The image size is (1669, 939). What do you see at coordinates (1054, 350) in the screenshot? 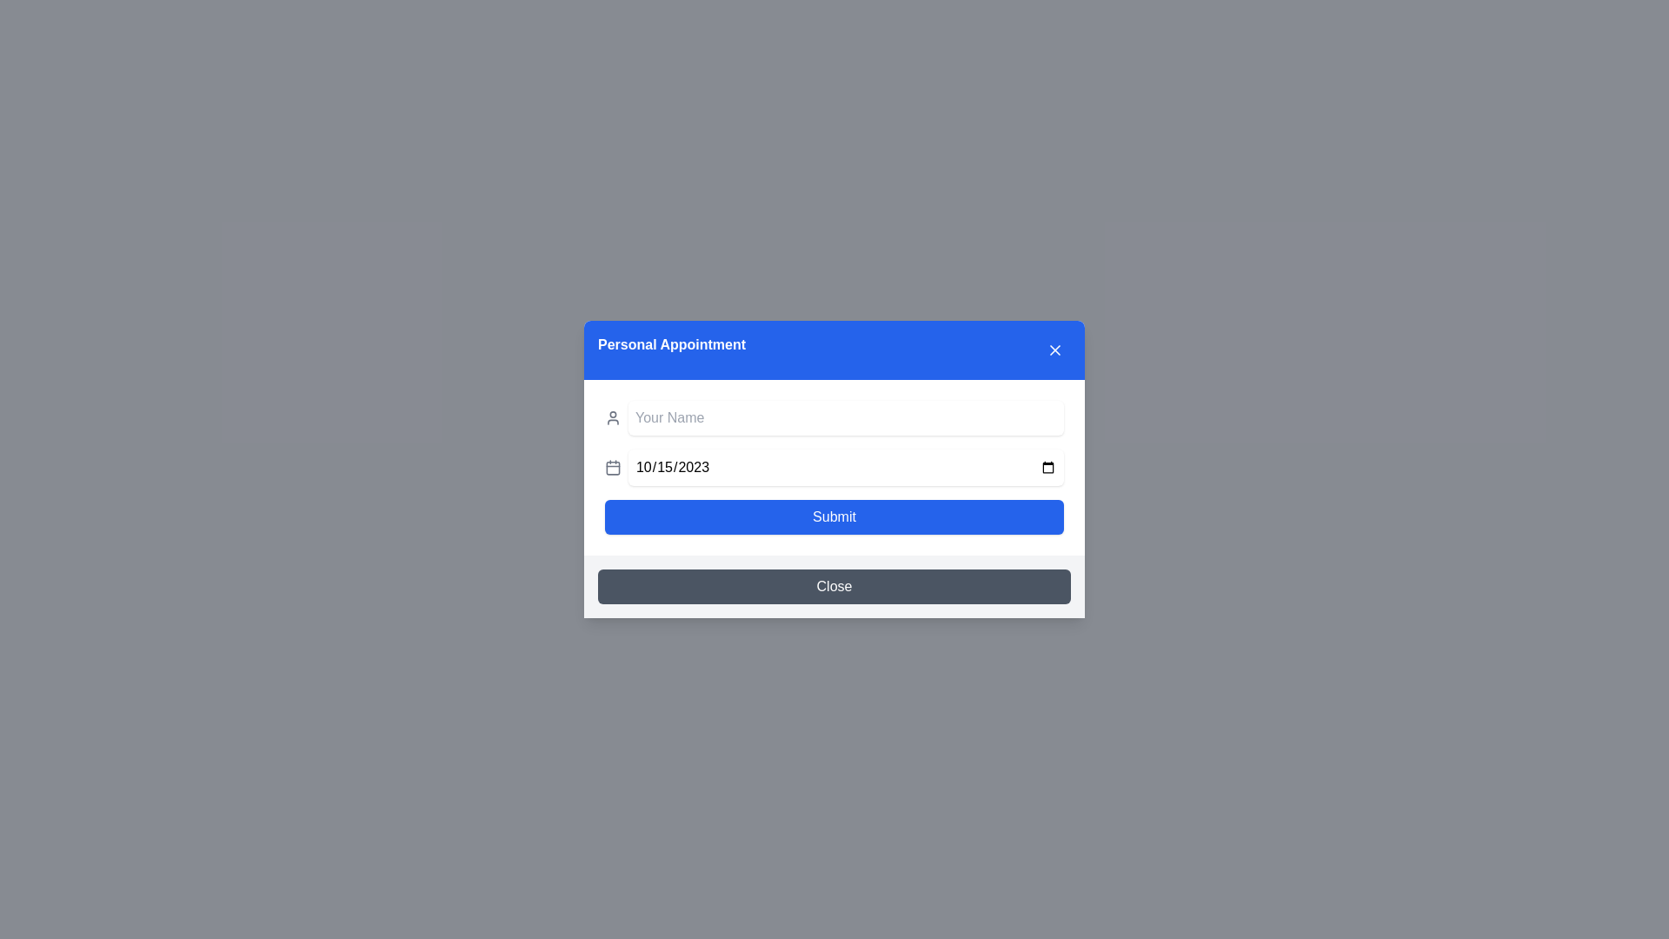
I see `the close button icon, which is represented as an outline 'X' icon located at the top-right of the modal dialog box` at bounding box center [1054, 350].